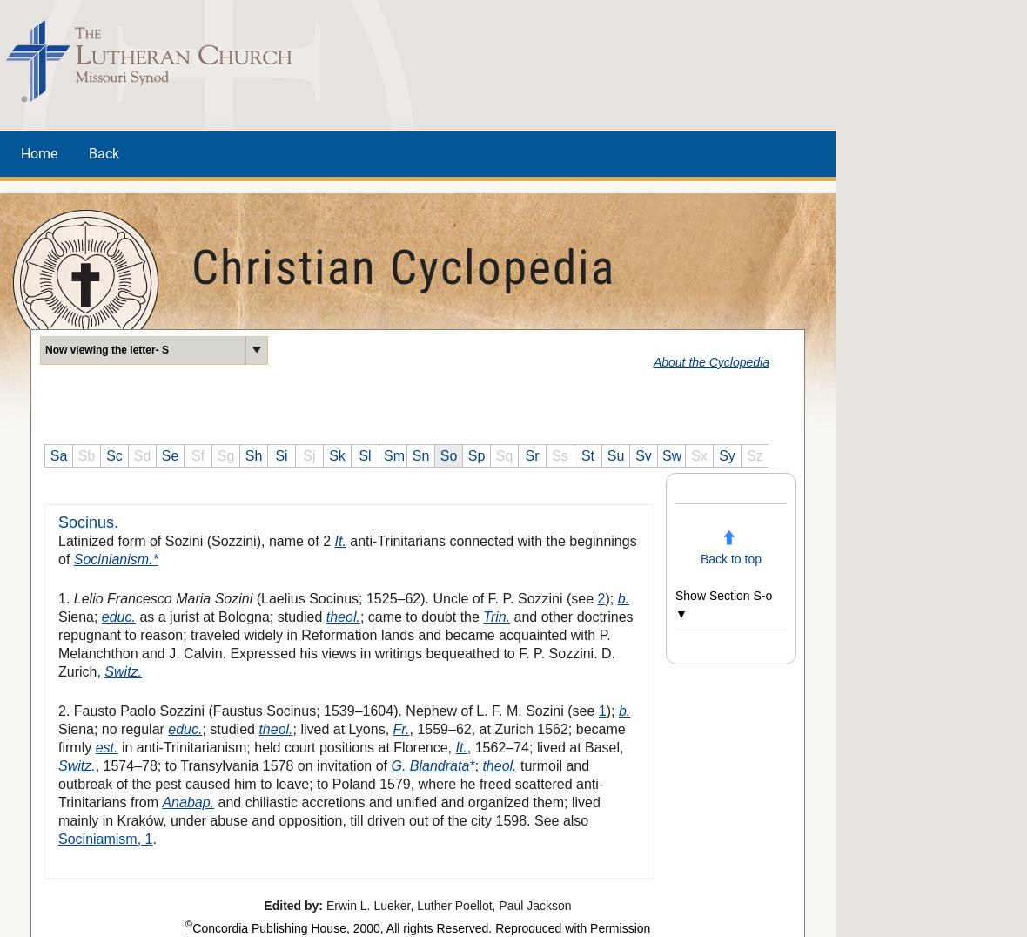 The width and height of the screenshot is (1027, 937). What do you see at coordinates (188, 800) in the screenshot?
I see `'Anabap.'` at bounding box center [188, 800].